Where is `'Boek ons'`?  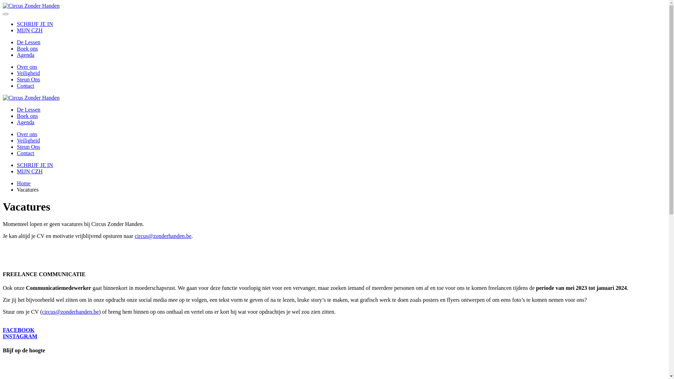 'Boek ons' is located at coordinates (27, 48).